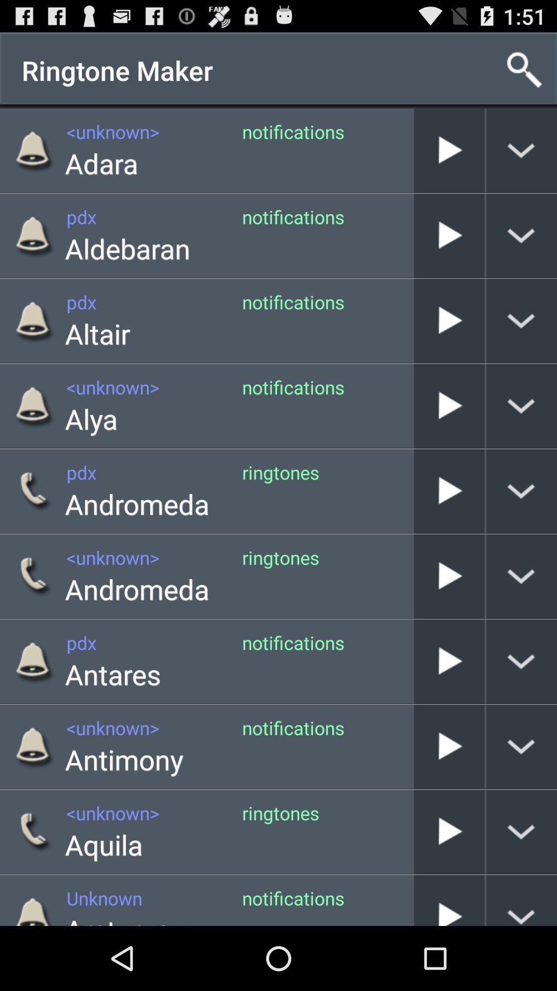 This screenshot has height=991, width=557. Describe the element at coordinates (449, 490) in the screenshot. I see `button` at that location.